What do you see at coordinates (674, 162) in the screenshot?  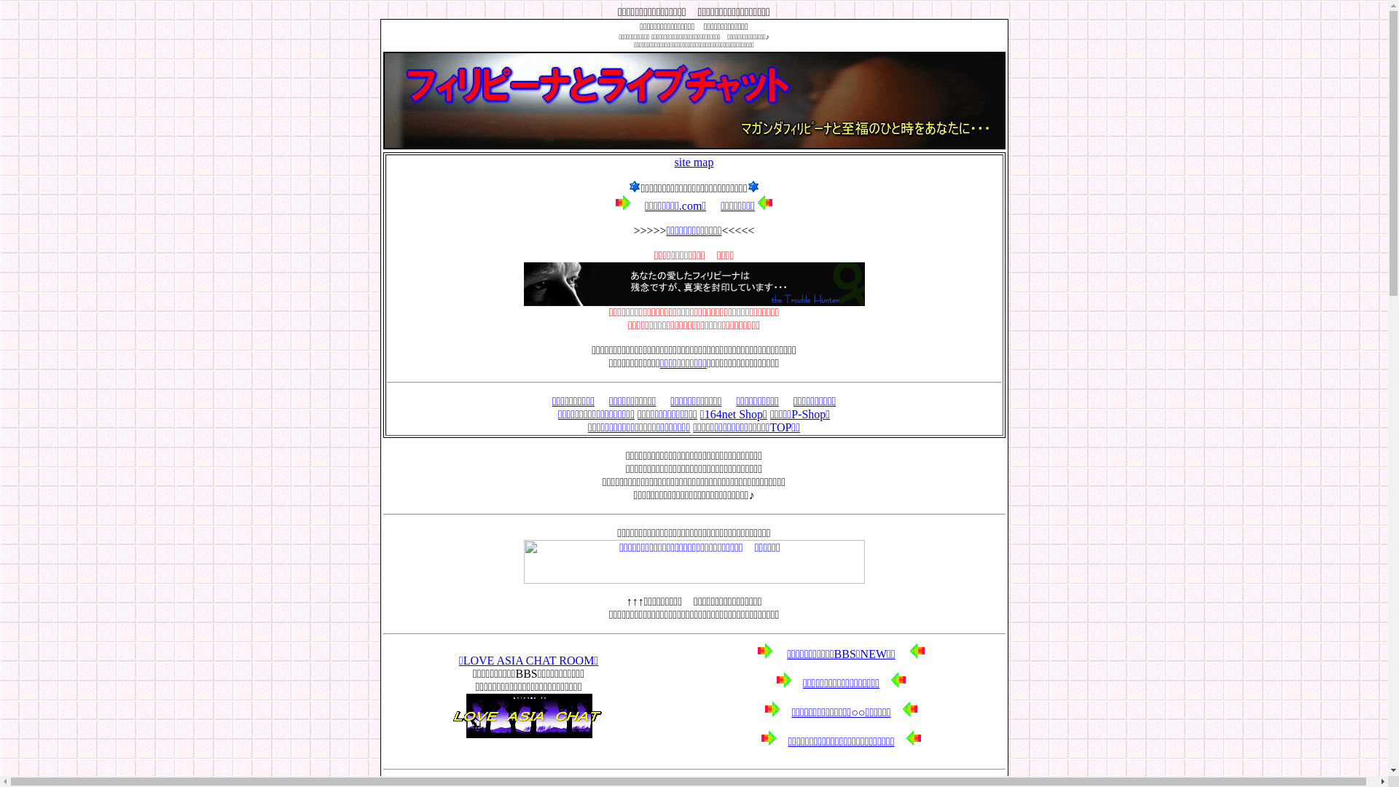 I see `'site map'` at bounding box center [674, 162].